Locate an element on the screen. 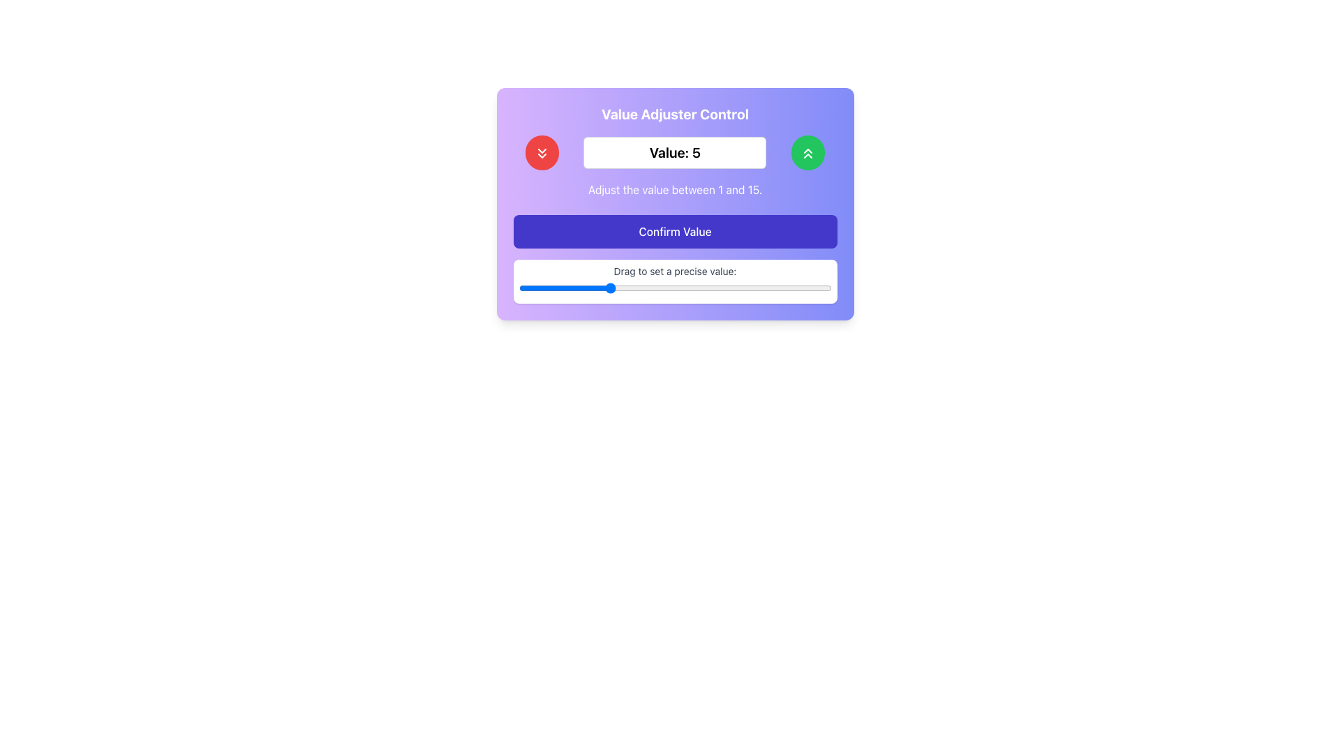 Image resolution: width=1340 pixels, height=754 pixels. the confirmation button located centrally beneath the text 'Adjust the value between 1 and 15.' and above the slider labeled 'Drag to set a precise value' to confirm the value adjustment is located at coordinates (675, 230).